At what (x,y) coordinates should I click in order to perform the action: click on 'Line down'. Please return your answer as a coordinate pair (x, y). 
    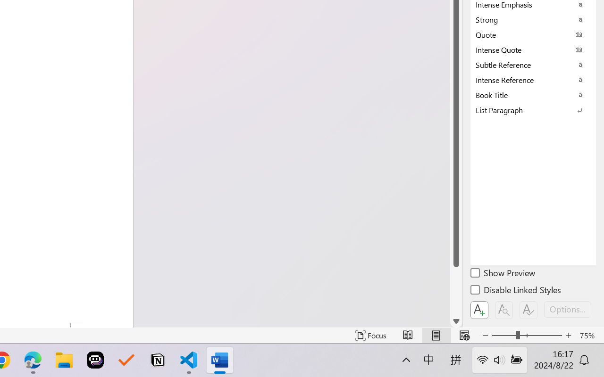
    Looking at the image, I should click on (456, 321).